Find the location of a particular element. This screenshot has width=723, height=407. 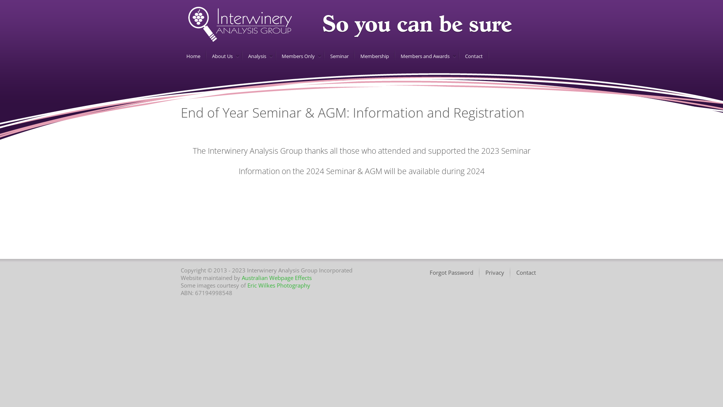

'Interwinery Analysis Group' is located at coordinates (188, 24).